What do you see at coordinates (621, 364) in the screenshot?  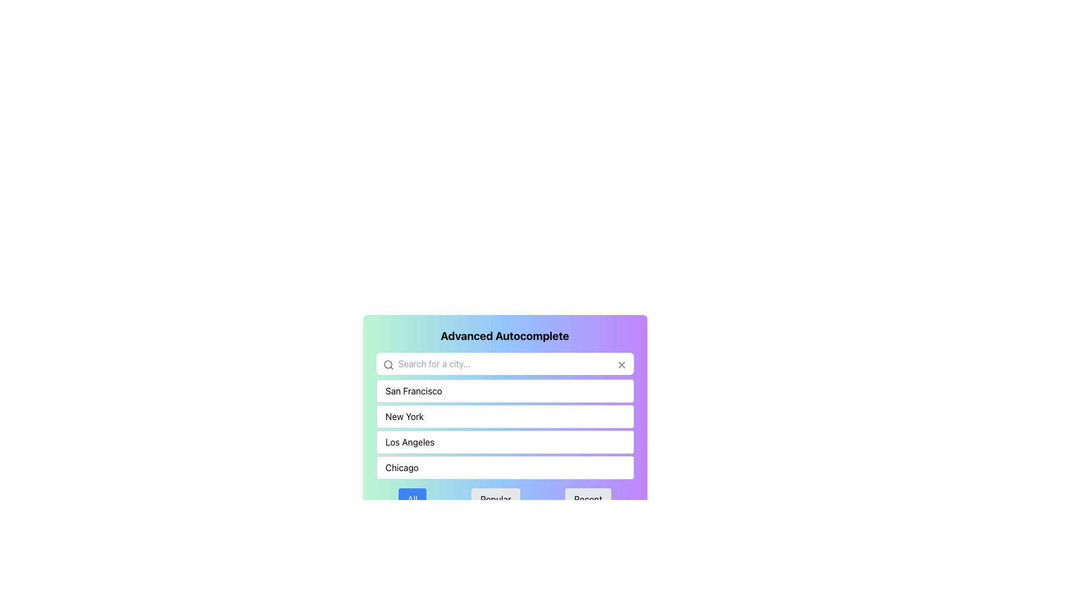 I see `the decorative close icon located at the top-right corner of the search bar, which visually represents the function to clear the search input` at bounding box center [621, 364].